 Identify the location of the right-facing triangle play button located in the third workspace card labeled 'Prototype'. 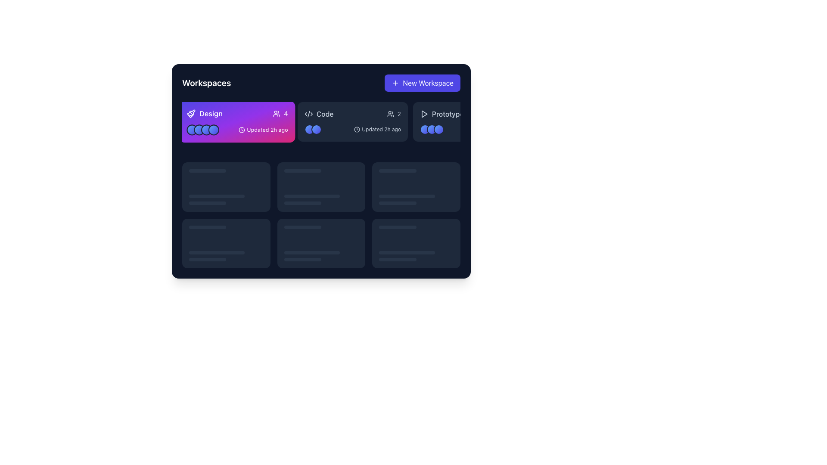
(424, 114).